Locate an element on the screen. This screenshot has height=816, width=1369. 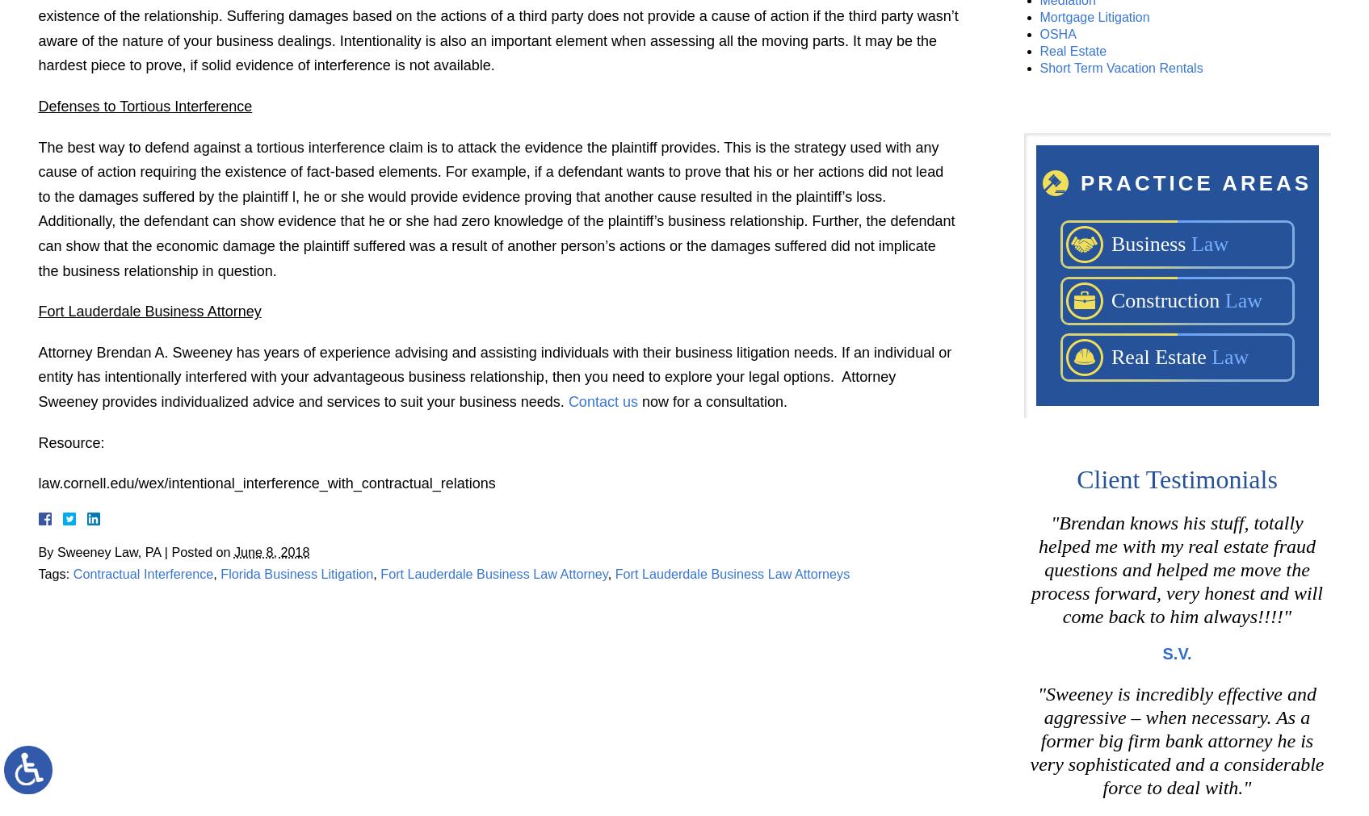
'Florida Business Litigation' is located at coordinates (296, 573).